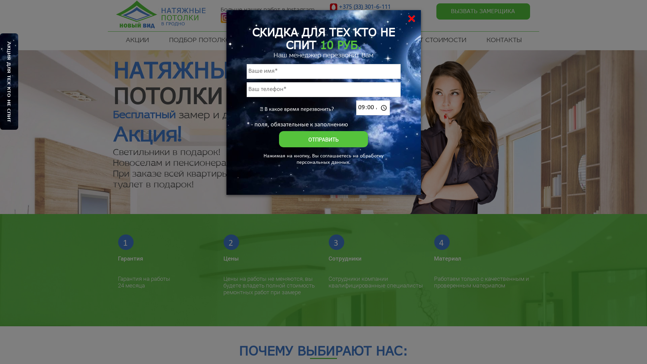 Image resolution: width=647 pixels, height=364 pixels. What do you see at coordinates (364, 6) in the screenshot?
I see `'+375 (33) 301-6-111'` at bounding box center [364, 6].